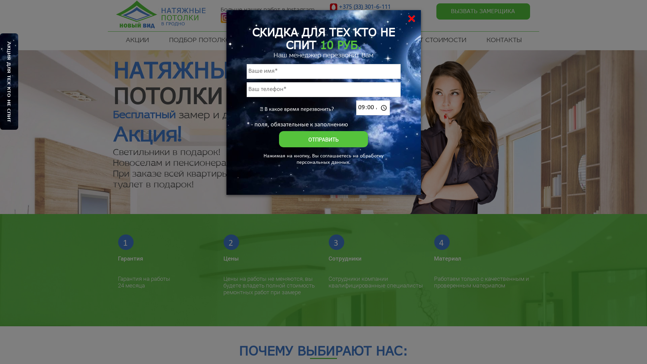 Image resolution: width=647 pixels, height=364 pixels. What do you see at coordinates (364, 6) in the screenshot?
I see `'+375 (33) 301-6-111'` at bounding box center [364, 6].